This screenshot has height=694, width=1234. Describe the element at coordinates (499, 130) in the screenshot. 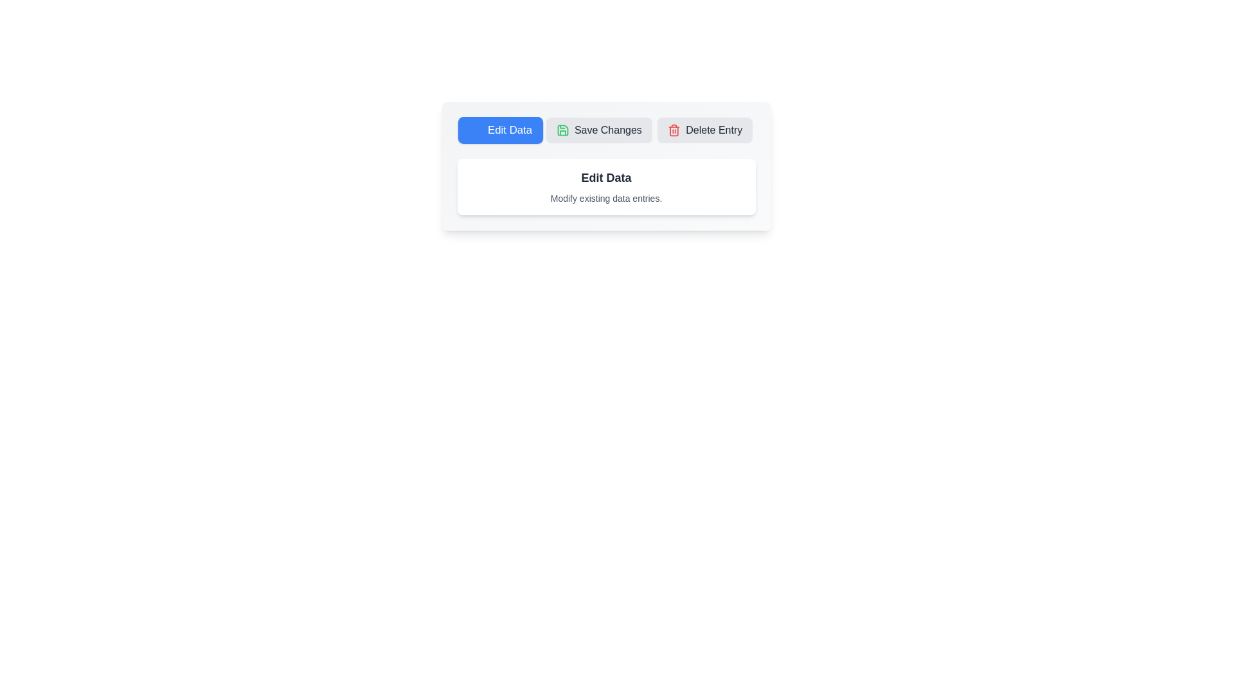

I see `the 'Edit Data' tab to activate it` at that location.